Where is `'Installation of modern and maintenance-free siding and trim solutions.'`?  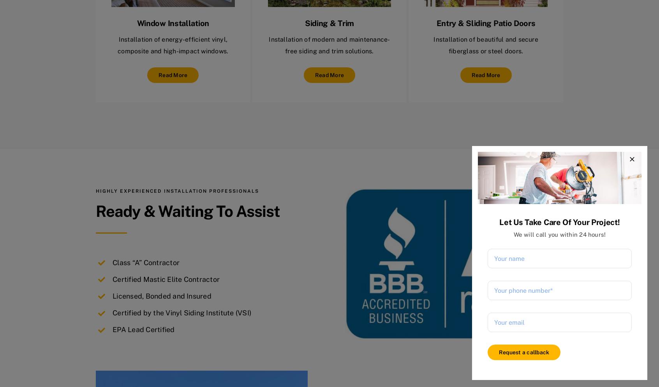 'Installation of modern and maintenance-free siding and trim solutions.' is located at coordinates (329, 44).